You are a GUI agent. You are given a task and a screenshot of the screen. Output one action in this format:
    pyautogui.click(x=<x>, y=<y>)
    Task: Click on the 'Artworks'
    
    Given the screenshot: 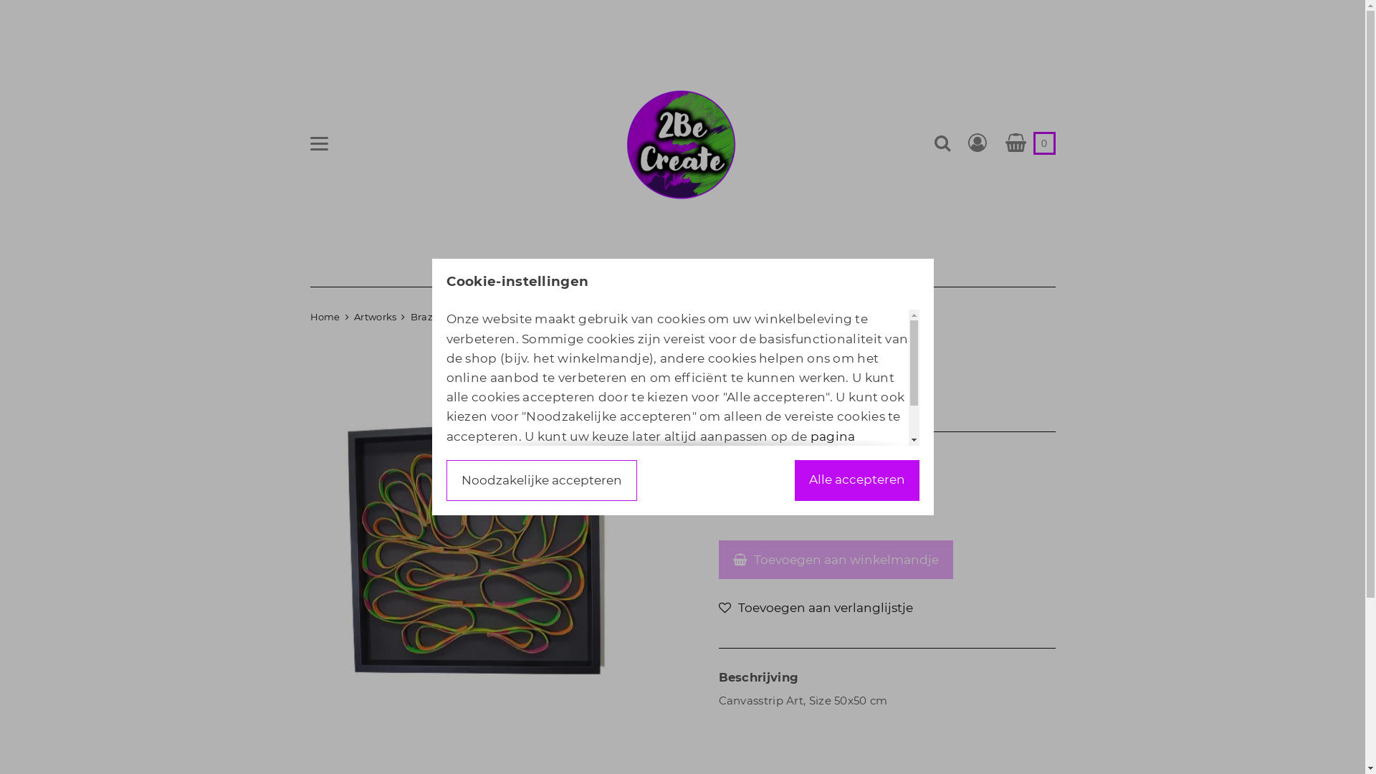 What is the action you would take?
    pyautogui.click(x=375, y=316)
    